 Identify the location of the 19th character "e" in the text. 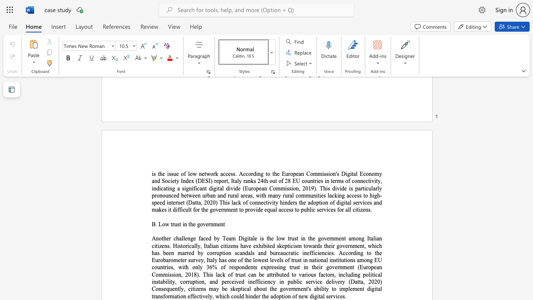
(196, 195).